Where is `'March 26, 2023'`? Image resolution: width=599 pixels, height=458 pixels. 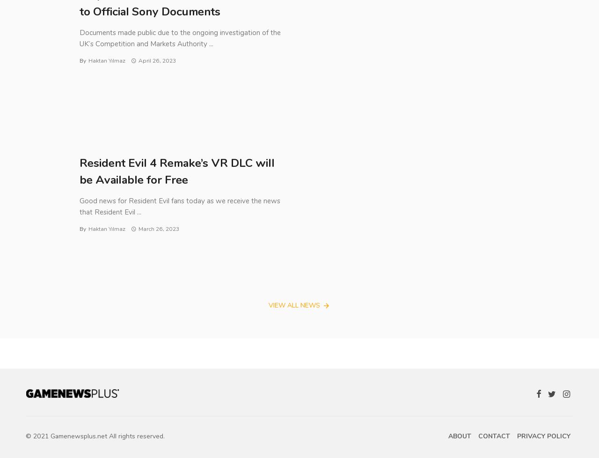 'March 26, 2023' is located at coordinates (158, 229).